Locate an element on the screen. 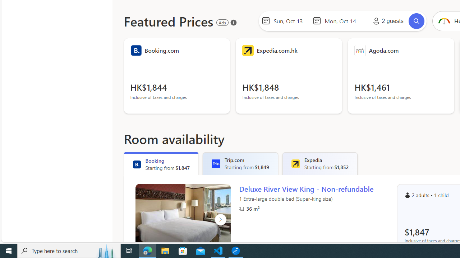  'Click to scroll right' is located at coordinates (220, 219).